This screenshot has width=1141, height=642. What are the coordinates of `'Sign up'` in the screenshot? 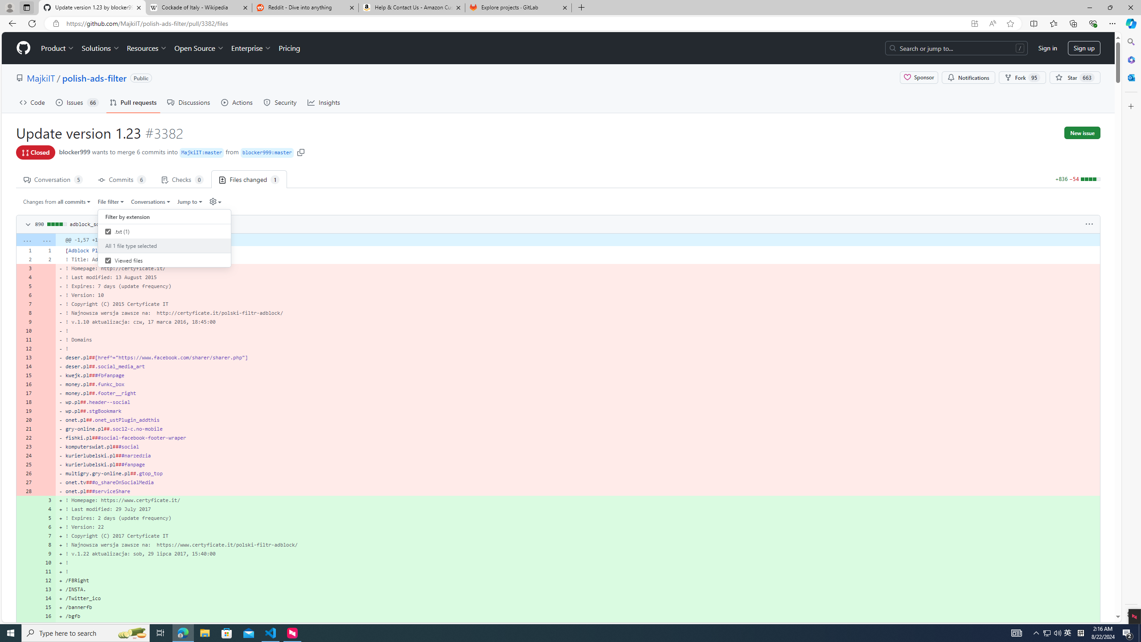 It's located at (1084, 48).